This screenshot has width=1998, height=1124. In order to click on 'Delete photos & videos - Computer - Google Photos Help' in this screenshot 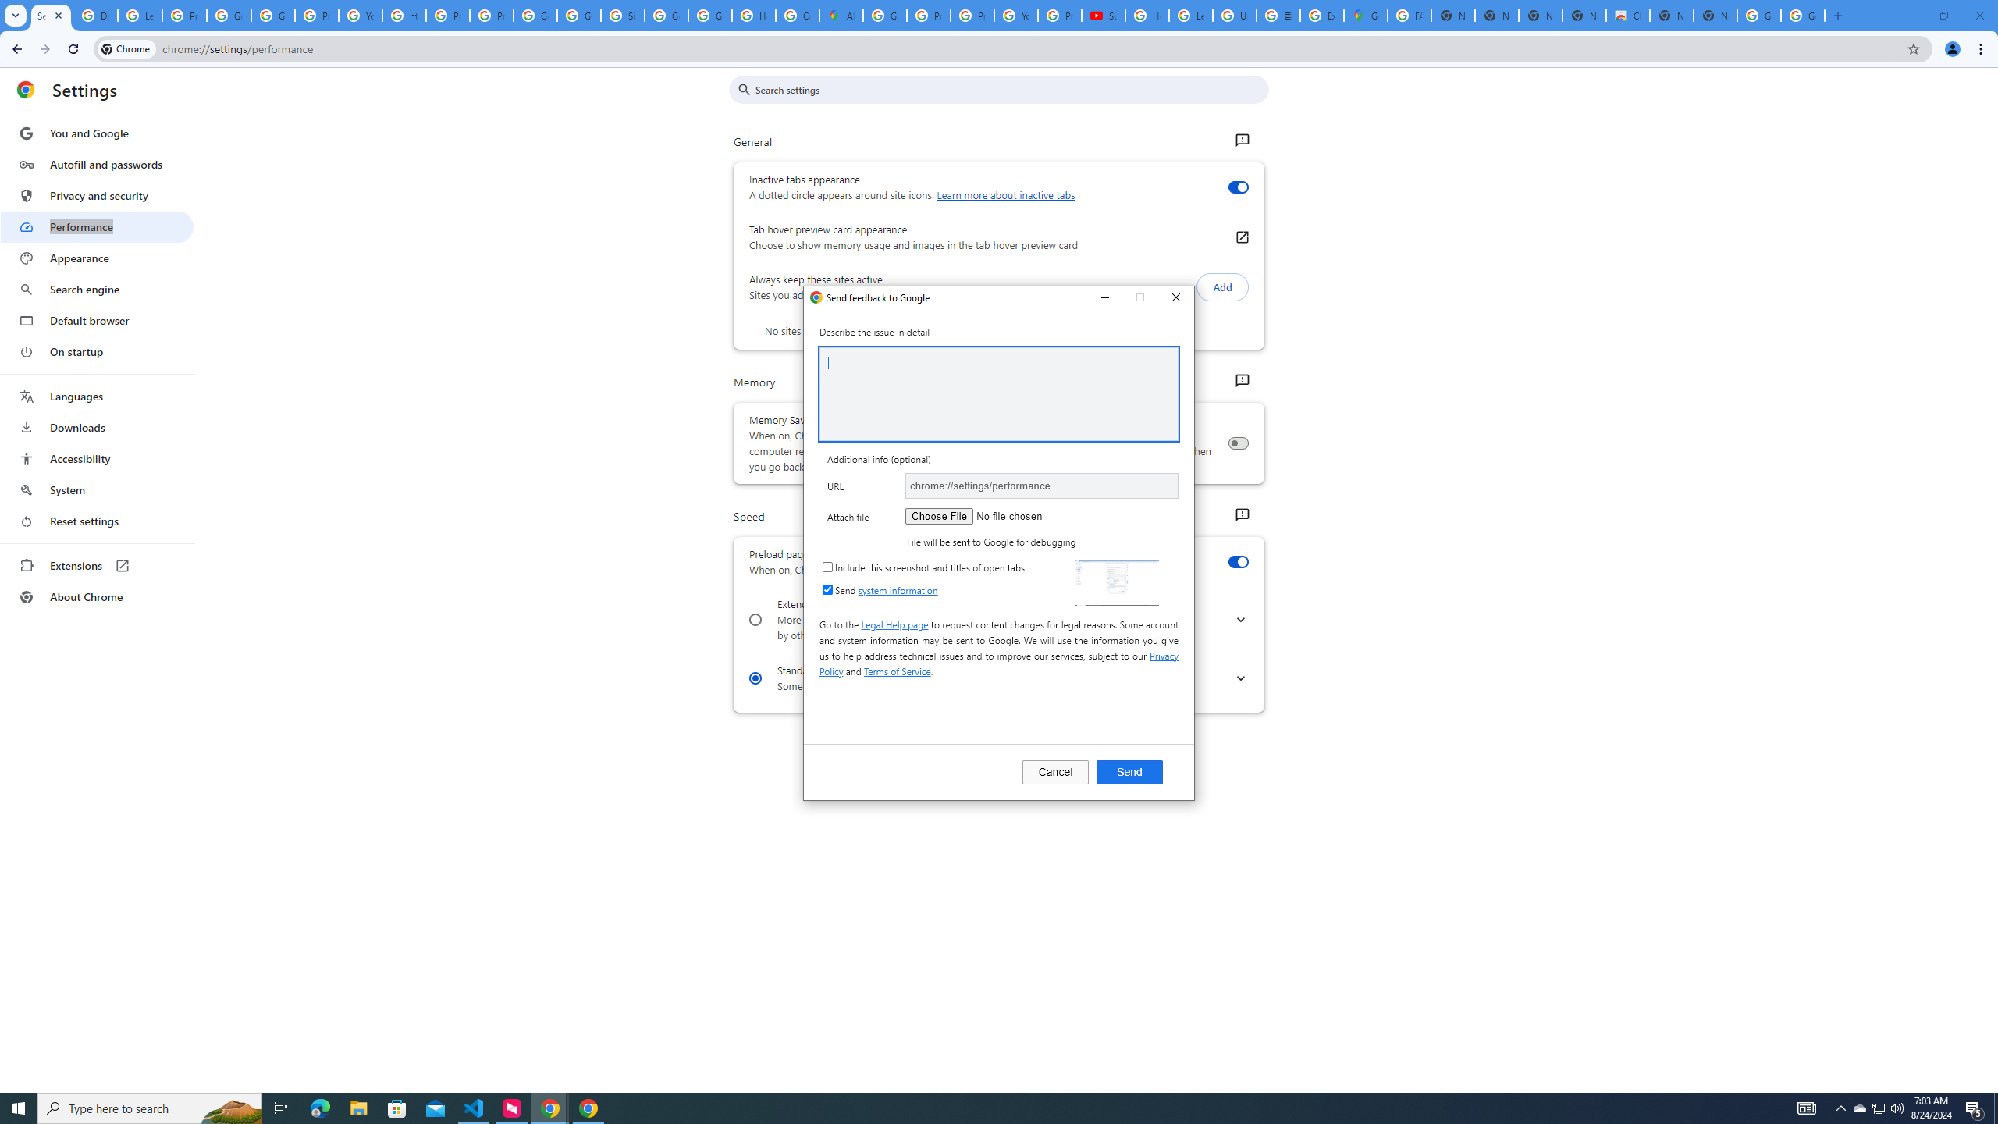, I will do `click(94, 15)`.